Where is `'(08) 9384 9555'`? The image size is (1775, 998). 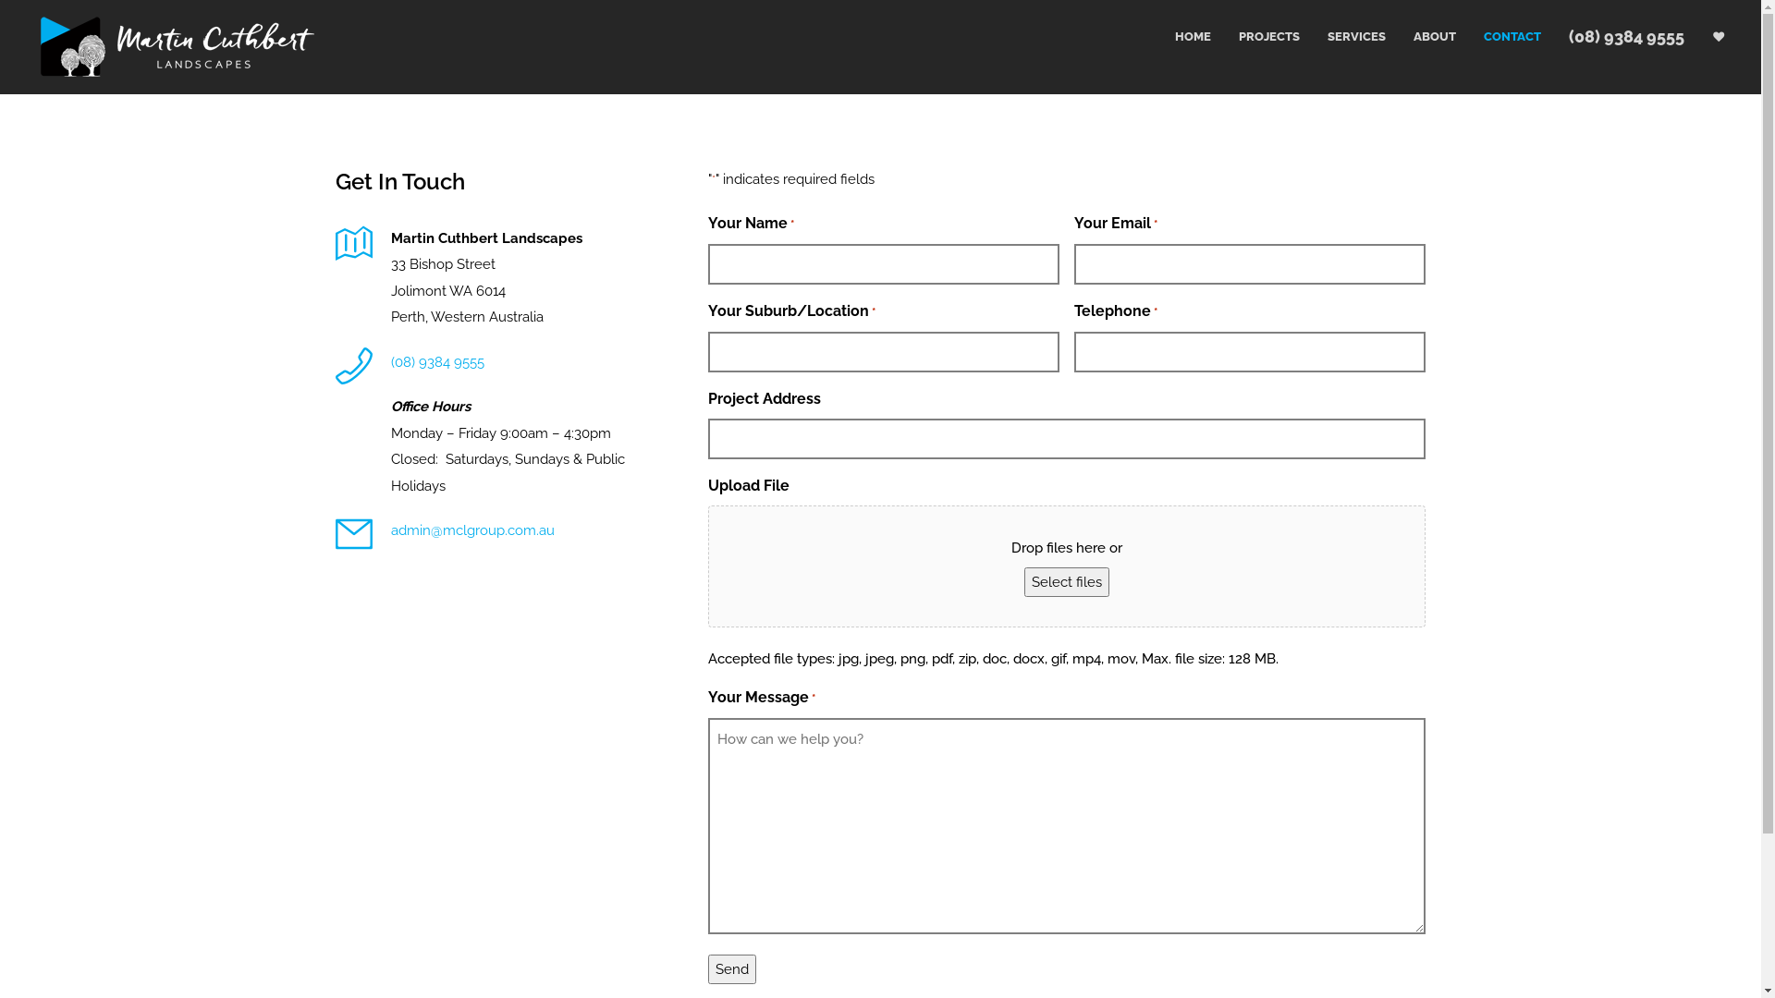 '(08) 9384 9555' is located at coordinates (435, 362).